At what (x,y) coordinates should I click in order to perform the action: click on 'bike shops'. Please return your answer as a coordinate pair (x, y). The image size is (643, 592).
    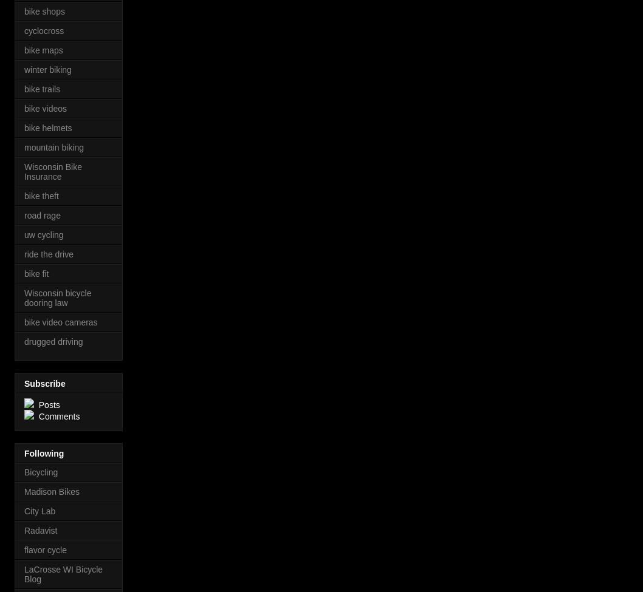
    Looking at the image, I should click on (44, 12).